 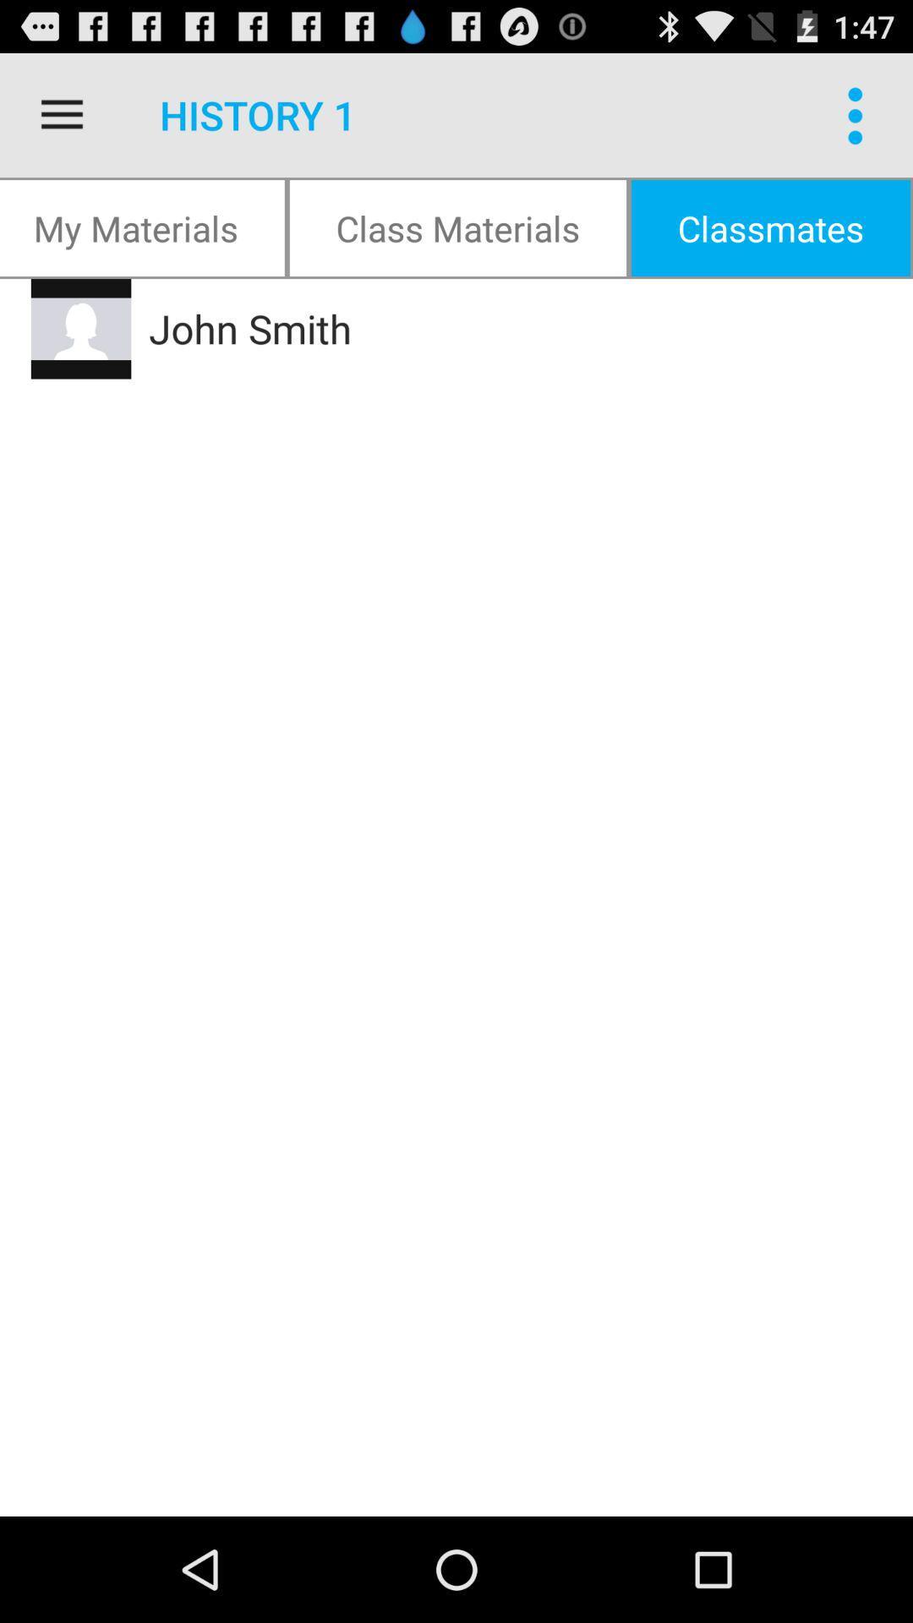 What do you see at coordinates (457, 227) in the screenshot?
I see `icon to the left of classmates item` at bounding box center [457, 227].